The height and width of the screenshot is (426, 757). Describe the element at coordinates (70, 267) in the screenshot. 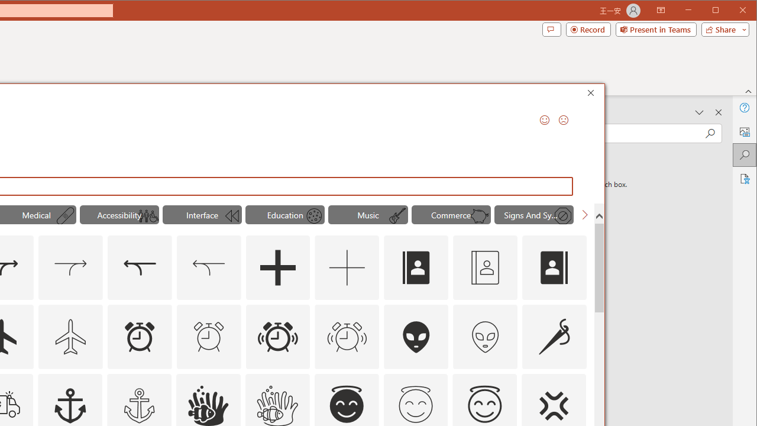

I see `'AutomationID: Icons_Acquisition_LTR_M'` at that location.